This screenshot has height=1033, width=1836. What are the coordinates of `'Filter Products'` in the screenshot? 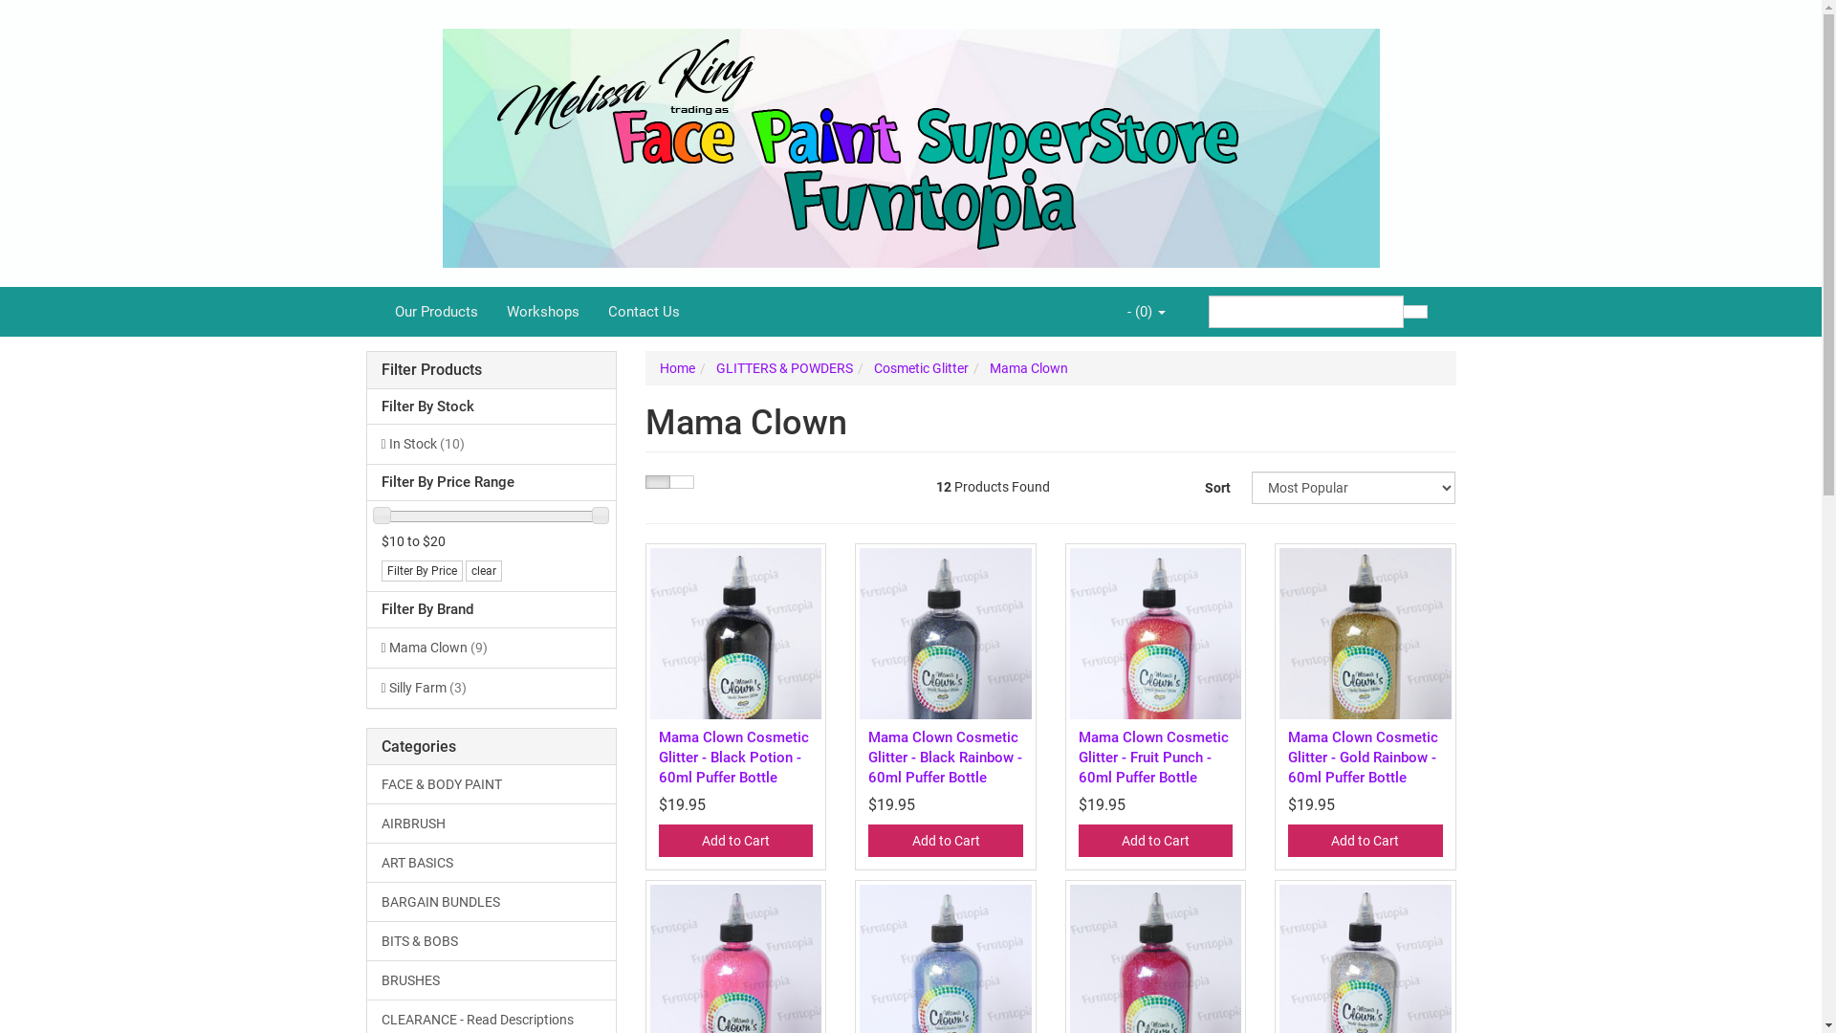 It's located at (491, 369).